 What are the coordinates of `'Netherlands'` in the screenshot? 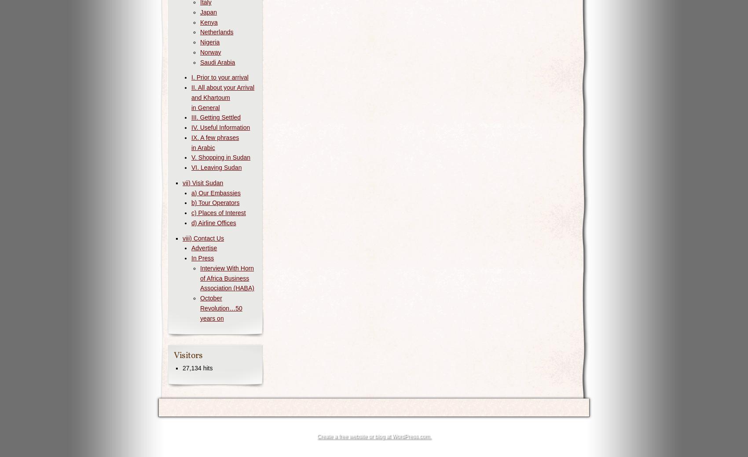 It's located at (216, 32).